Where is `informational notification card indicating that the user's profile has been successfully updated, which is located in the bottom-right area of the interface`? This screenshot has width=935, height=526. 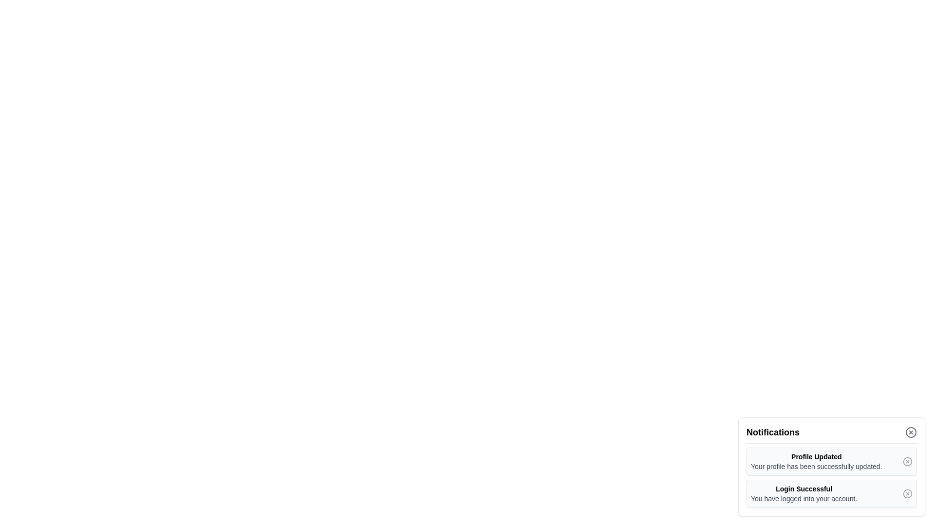 informational notification card indicating that the user's profile has been successfully updated, which is located in the bottom-right area of the interface is located at coordinates (831, 461).